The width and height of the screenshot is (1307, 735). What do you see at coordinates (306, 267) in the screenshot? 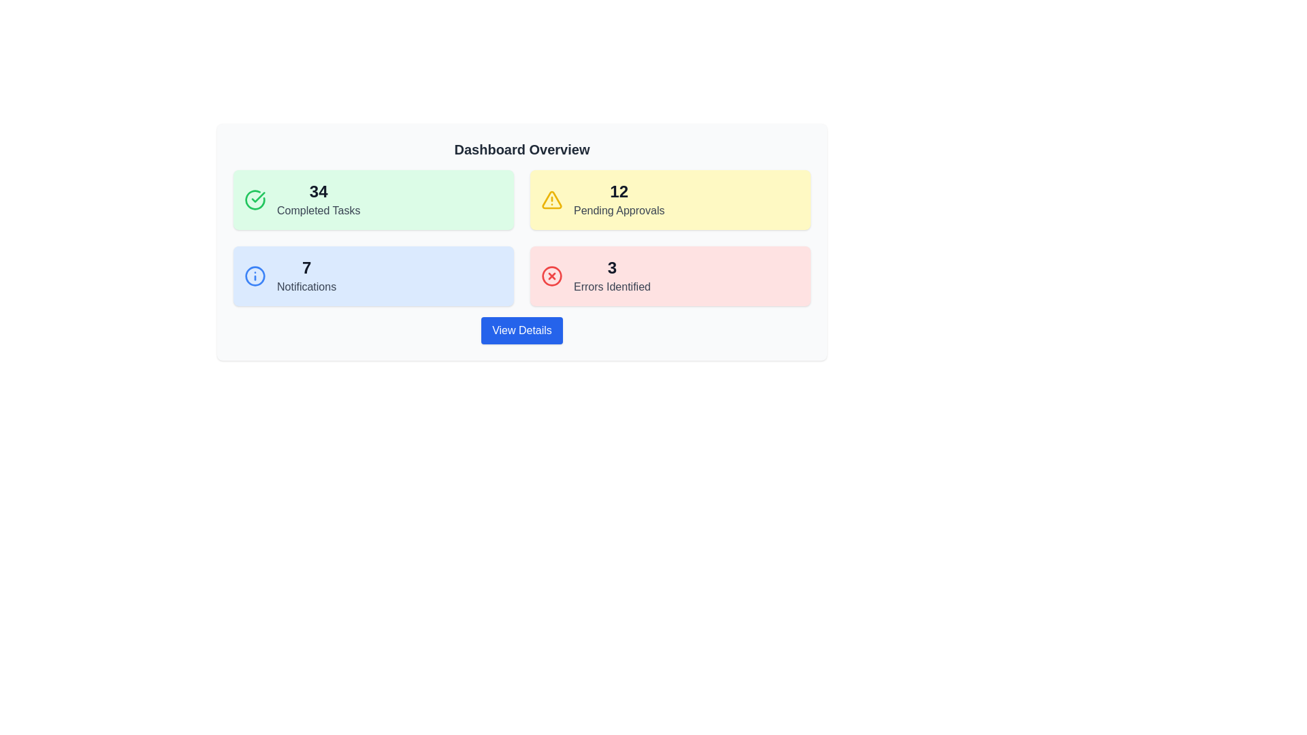
I see `the bold numeral '7' displayed in black on a white background, located in the top-left corner of its containing box within the second row of cards in the dashboard layout` at bounding box center [306, 267].